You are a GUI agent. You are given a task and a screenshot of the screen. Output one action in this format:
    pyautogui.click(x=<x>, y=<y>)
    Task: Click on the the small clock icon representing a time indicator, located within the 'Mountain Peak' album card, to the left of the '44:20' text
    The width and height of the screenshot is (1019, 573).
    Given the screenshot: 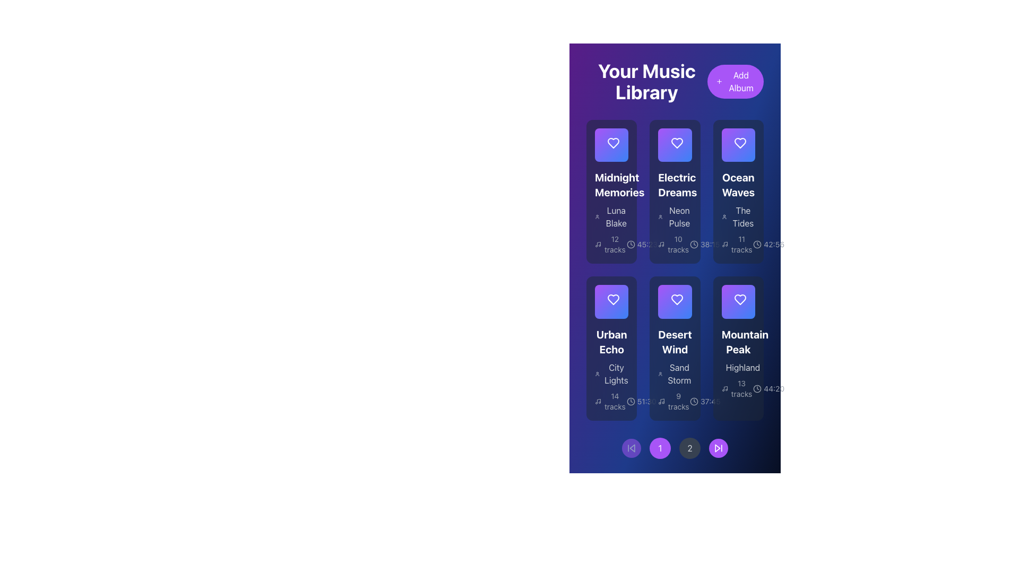 What is the action you would take?
    pyautogui.click(x=757, y=388)
    